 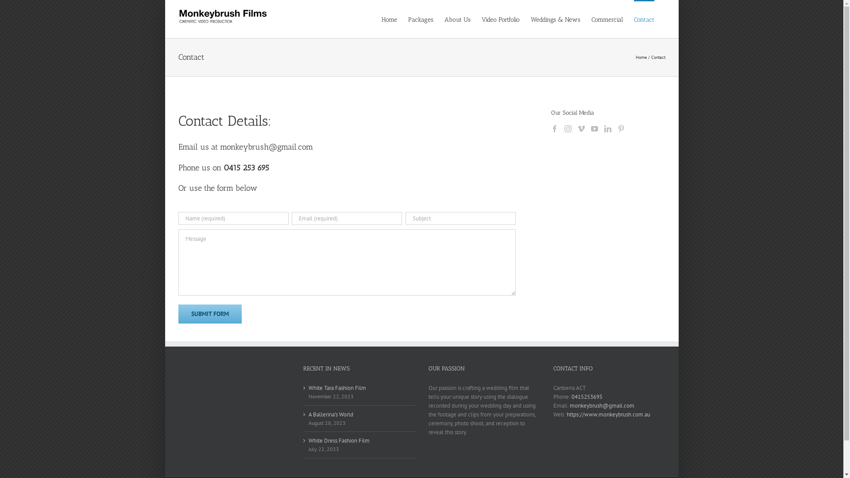 What do you see at coordinates (603, 128) in the screenshot?
I see `'LinkedIn'` at bounding box center [603, 128].